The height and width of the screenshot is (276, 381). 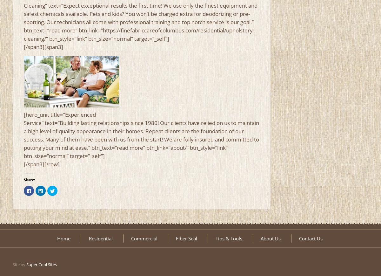 I want to click on 'Home', so click(x=63, y=238).